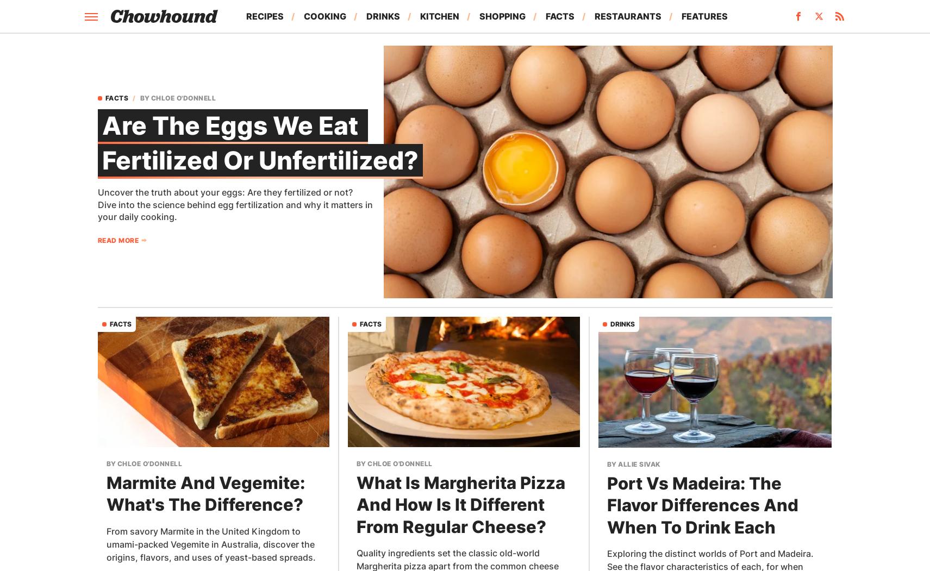 This screenshot has width=930, height=571. I want to click on 'Marmite And Vegemite: What's The Difference?', so click(205, 493).